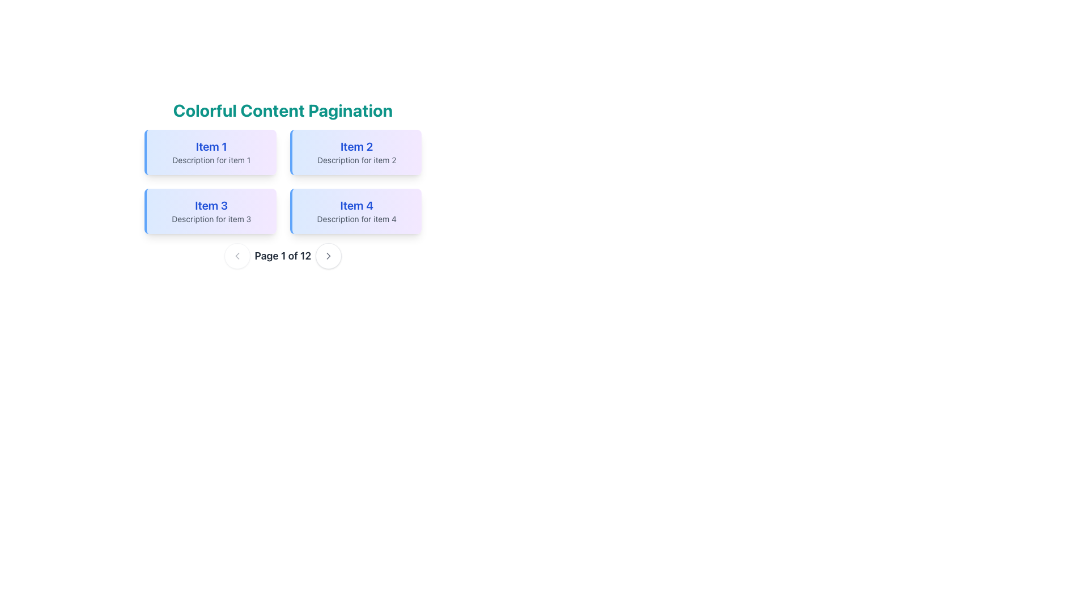 This screenshot has width=1088, height=612. I want to click on the Text Label displaying 'Description for item 1', which is positioned below 'Item 1' in the top-left box of the interface, so click(211, 160).